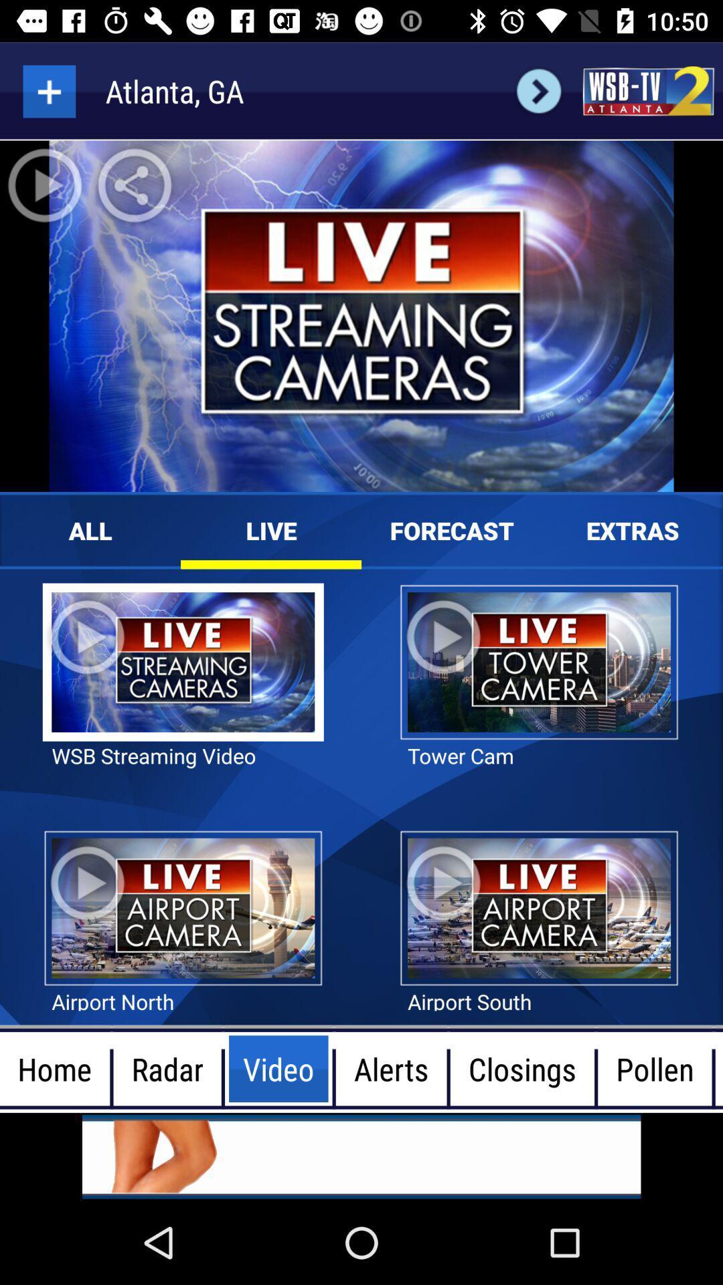  What do you see at coordinates (48, 90) in the screenshot?
I see `location` at bounding box center [48, 90].